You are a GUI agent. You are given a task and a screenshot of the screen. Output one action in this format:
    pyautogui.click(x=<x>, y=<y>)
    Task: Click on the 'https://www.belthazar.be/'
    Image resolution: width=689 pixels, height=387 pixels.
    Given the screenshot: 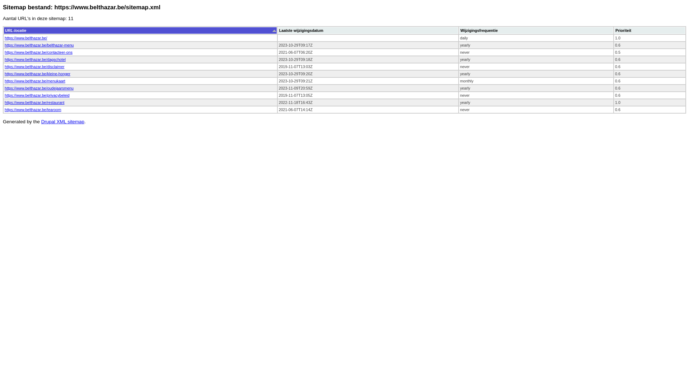 What is the action you would take?
    pyautogui.click(x=5, y=38)
    